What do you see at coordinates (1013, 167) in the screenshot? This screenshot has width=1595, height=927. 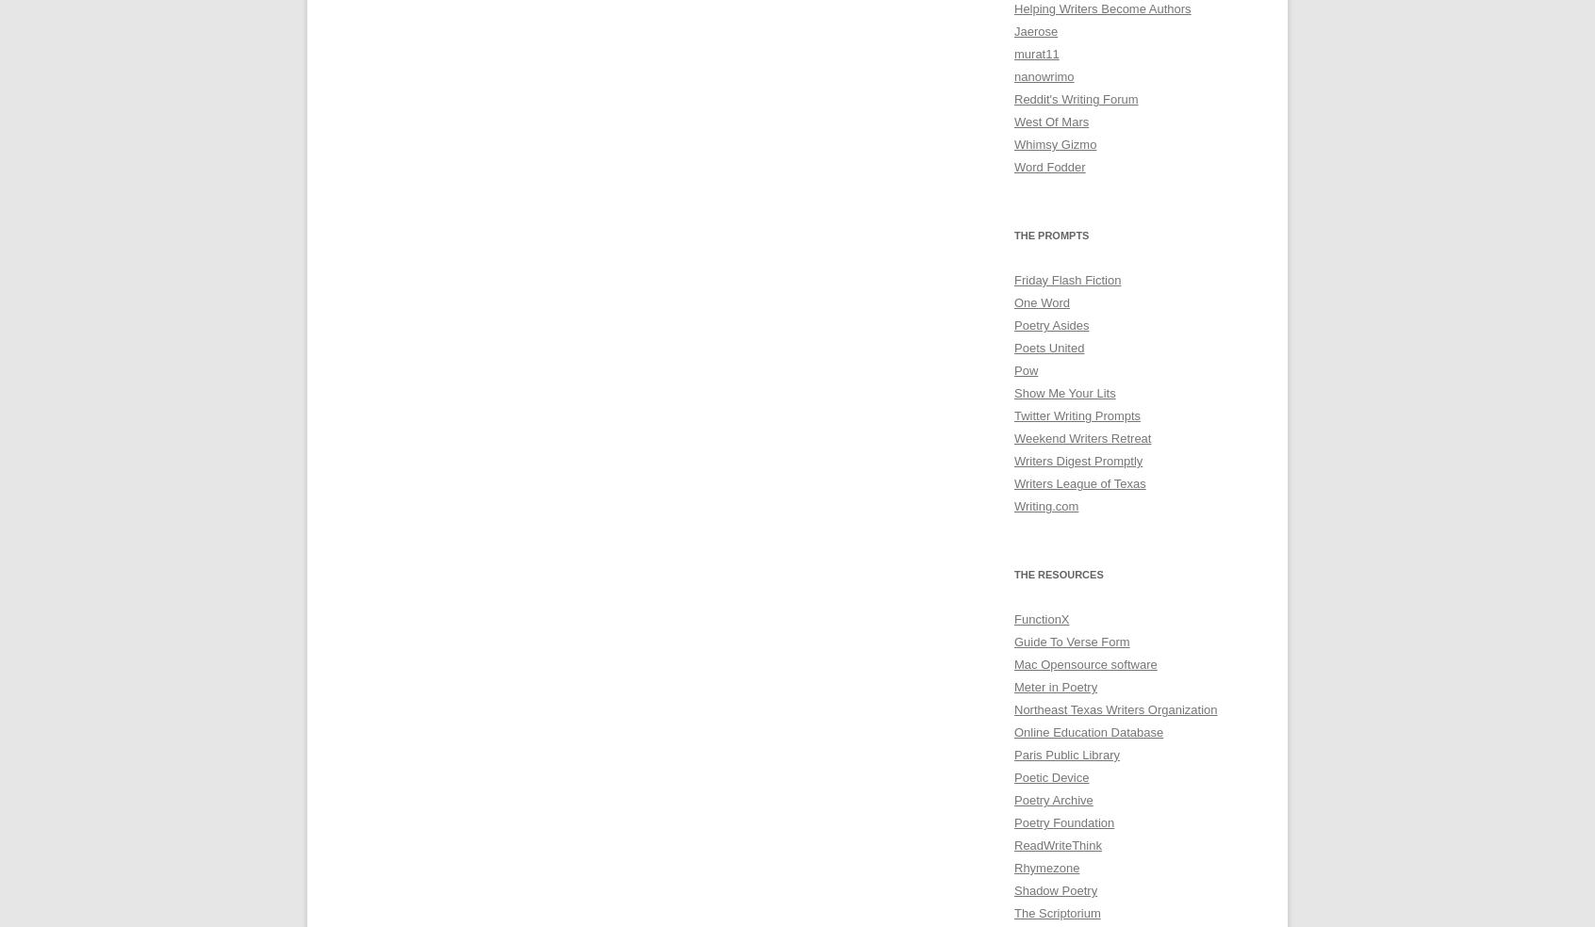 I see `'Word Fodder'` at bounding box center [1013, 167].